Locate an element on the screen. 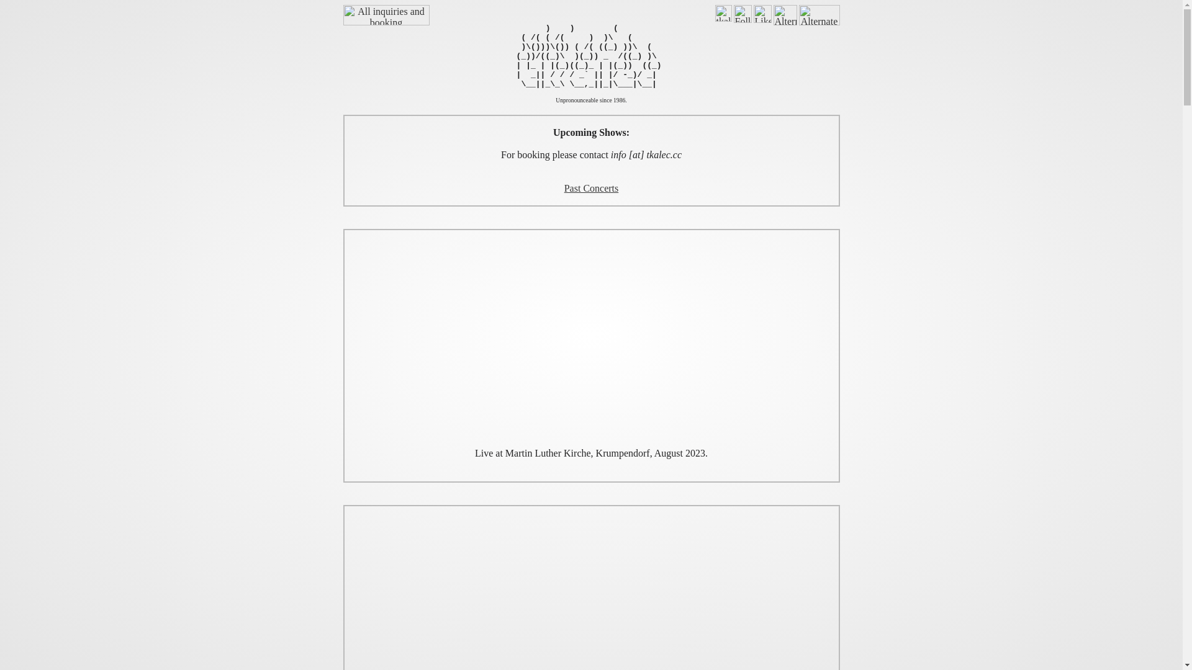  'Connect to the random tweet madness!' is located at coordinates (743, 14).